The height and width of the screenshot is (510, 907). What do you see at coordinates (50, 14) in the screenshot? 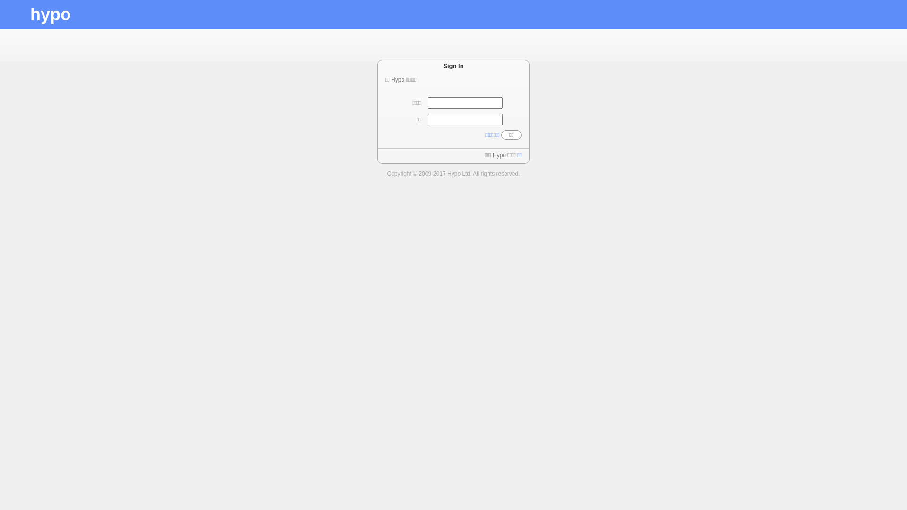
I see `'hypo'` at bounding box center [50, 14].